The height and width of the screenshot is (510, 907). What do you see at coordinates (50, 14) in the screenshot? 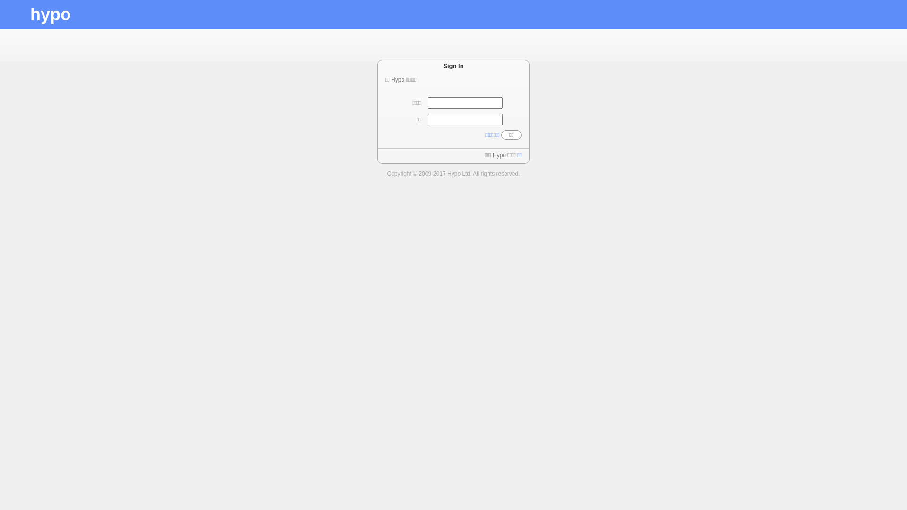
I see `'hypo'` at bounding box center [50, 14].